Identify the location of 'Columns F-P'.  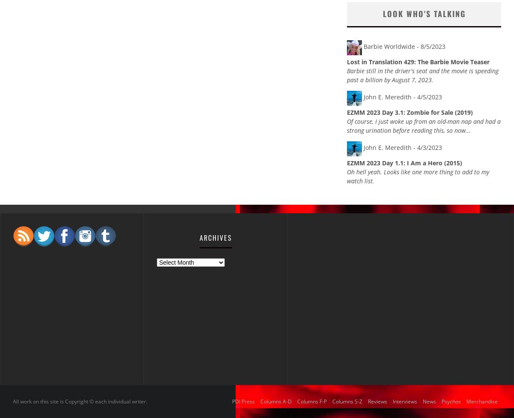
(312, 401).